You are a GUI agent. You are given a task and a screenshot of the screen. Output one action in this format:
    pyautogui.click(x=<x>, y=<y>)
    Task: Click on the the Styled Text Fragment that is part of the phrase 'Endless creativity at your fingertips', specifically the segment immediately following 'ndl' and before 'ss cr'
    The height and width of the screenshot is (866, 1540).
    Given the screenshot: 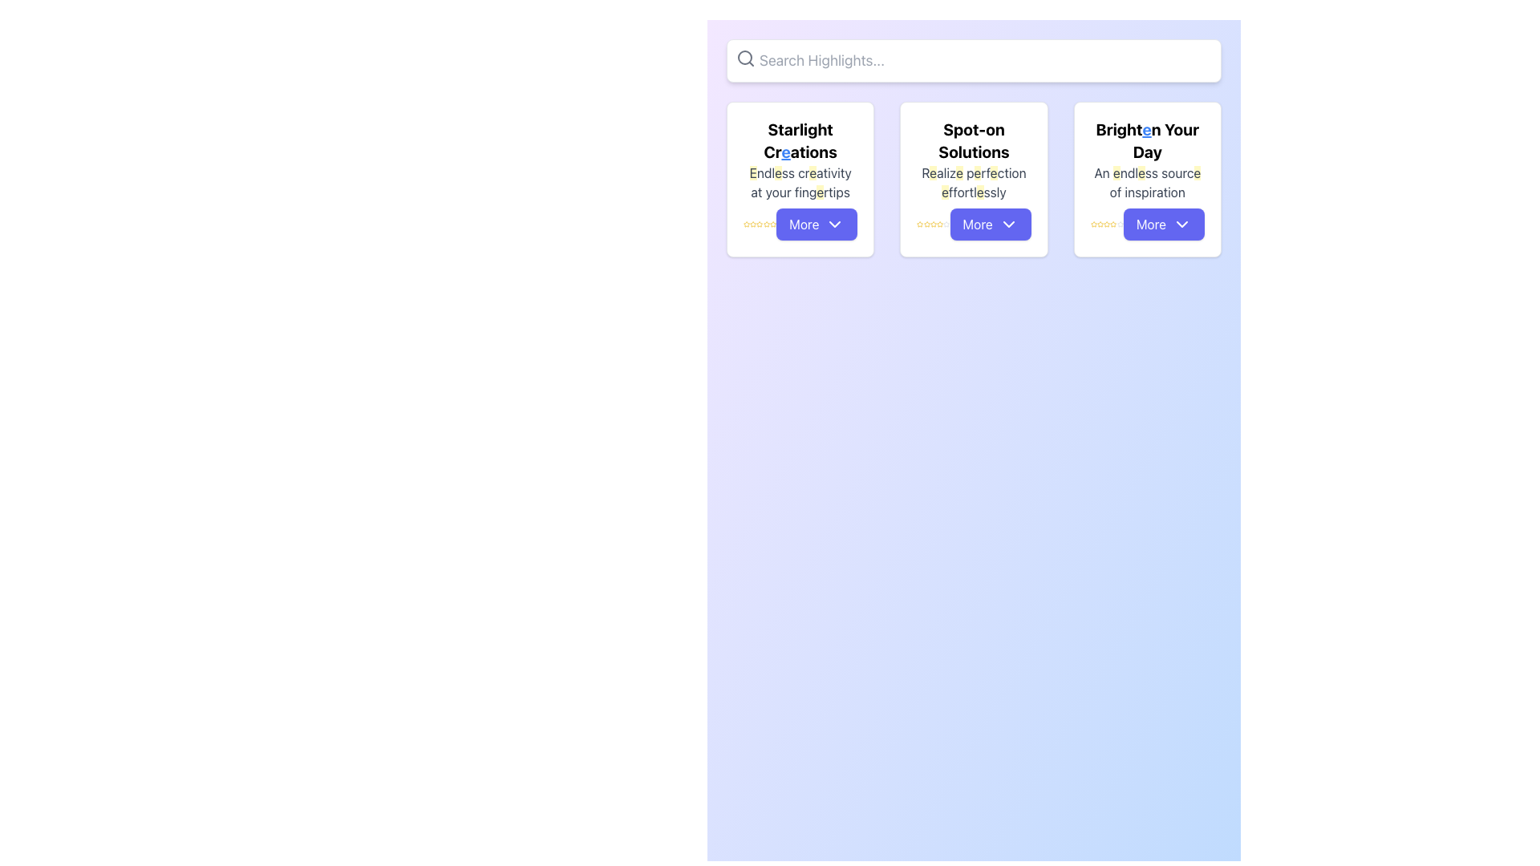 What is the action you would take?
    pyautogui.click(x=778, y=173)
    